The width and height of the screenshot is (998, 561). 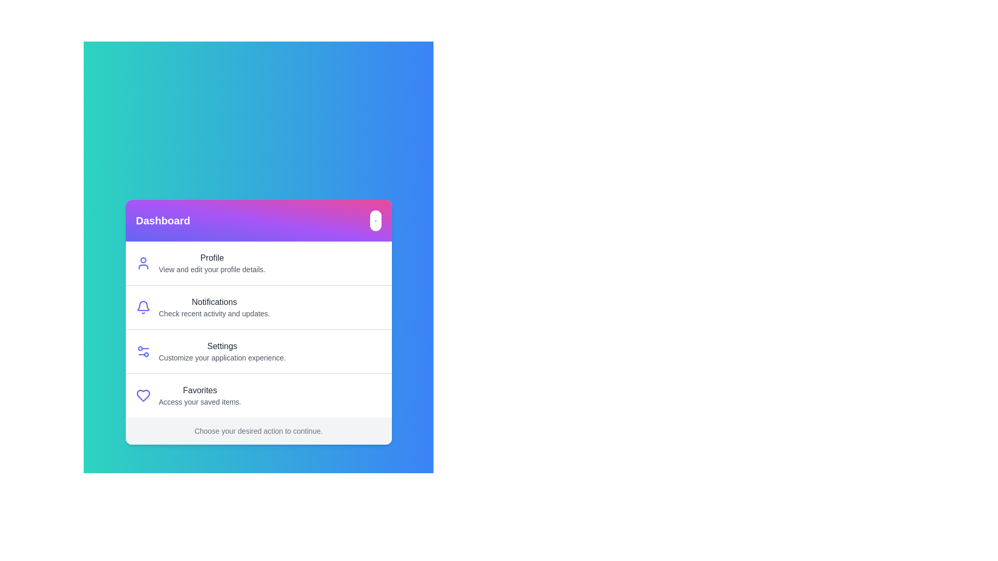 I want to click on the menu option corresponding to Notifications, so click(x=214, y=306).